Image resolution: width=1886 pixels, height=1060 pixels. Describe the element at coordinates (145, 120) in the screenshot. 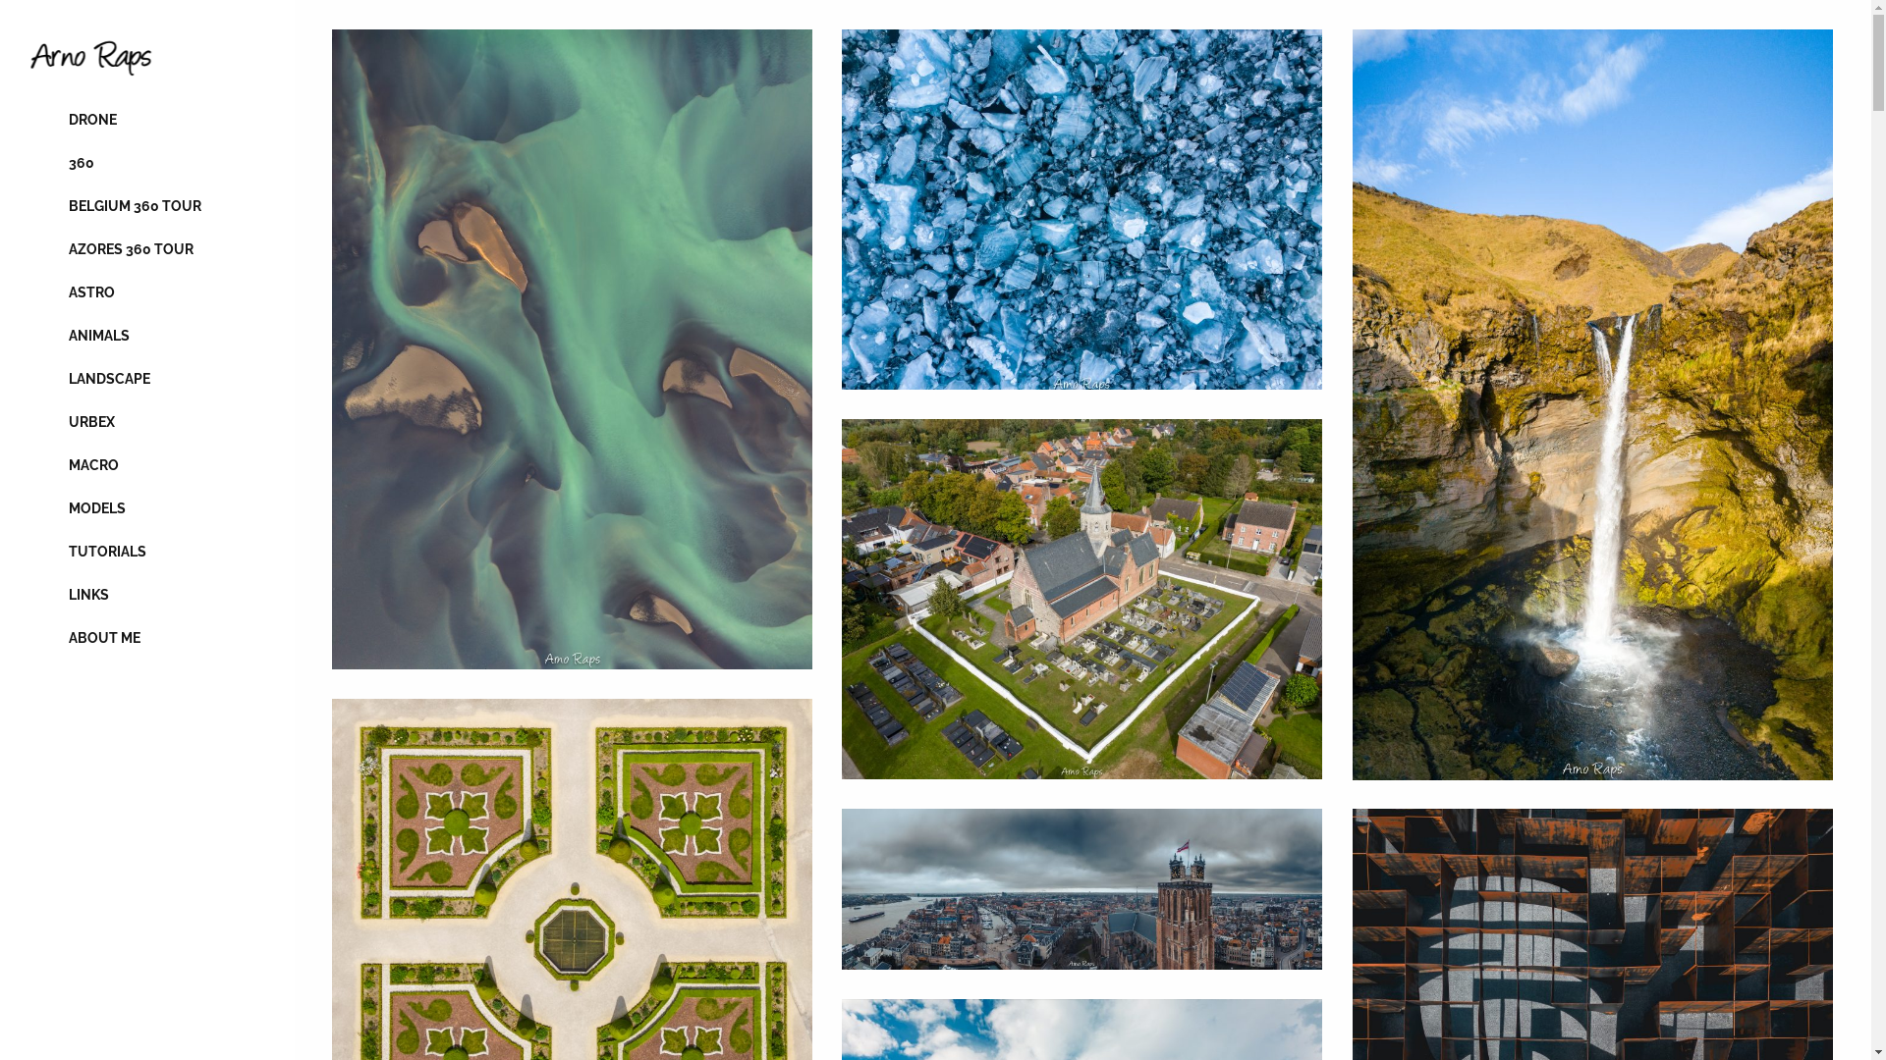

I see `'DRONE'` at that location.